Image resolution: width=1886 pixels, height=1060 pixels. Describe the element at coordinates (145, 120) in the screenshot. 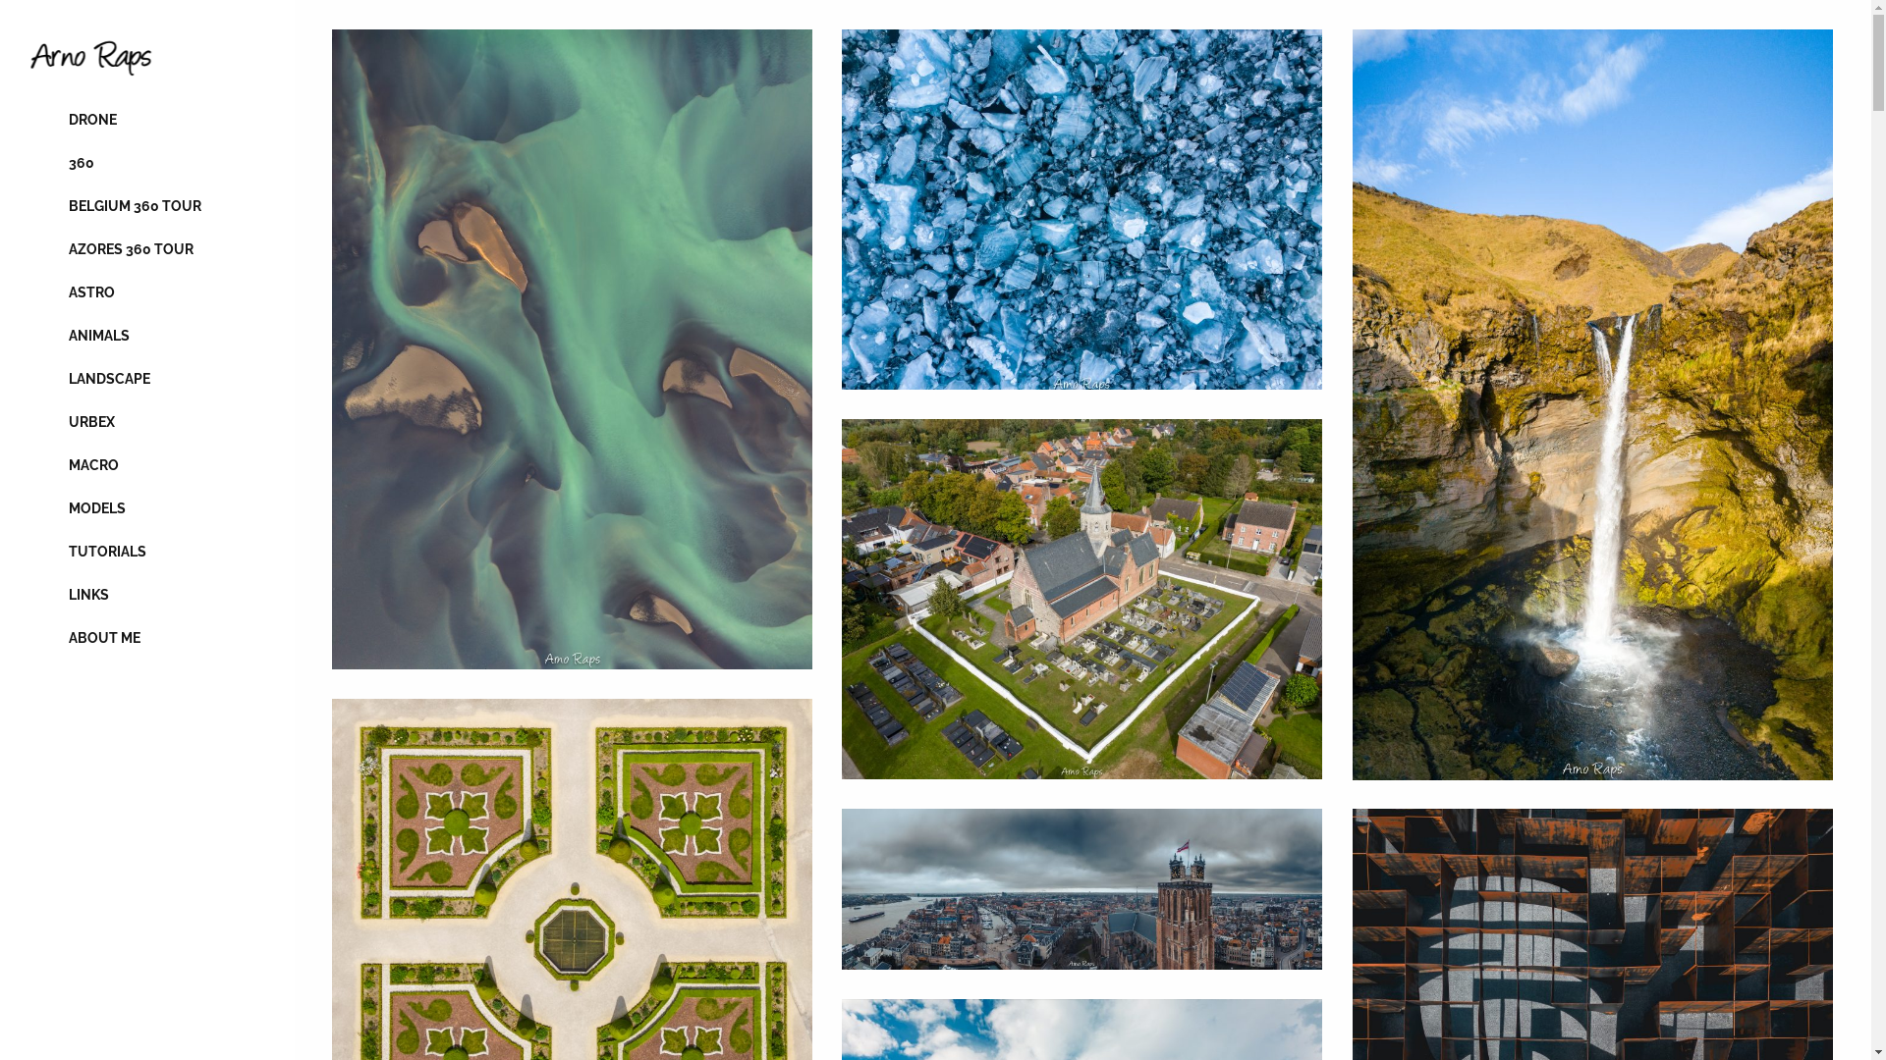

I see `'DRONE'` at that location.